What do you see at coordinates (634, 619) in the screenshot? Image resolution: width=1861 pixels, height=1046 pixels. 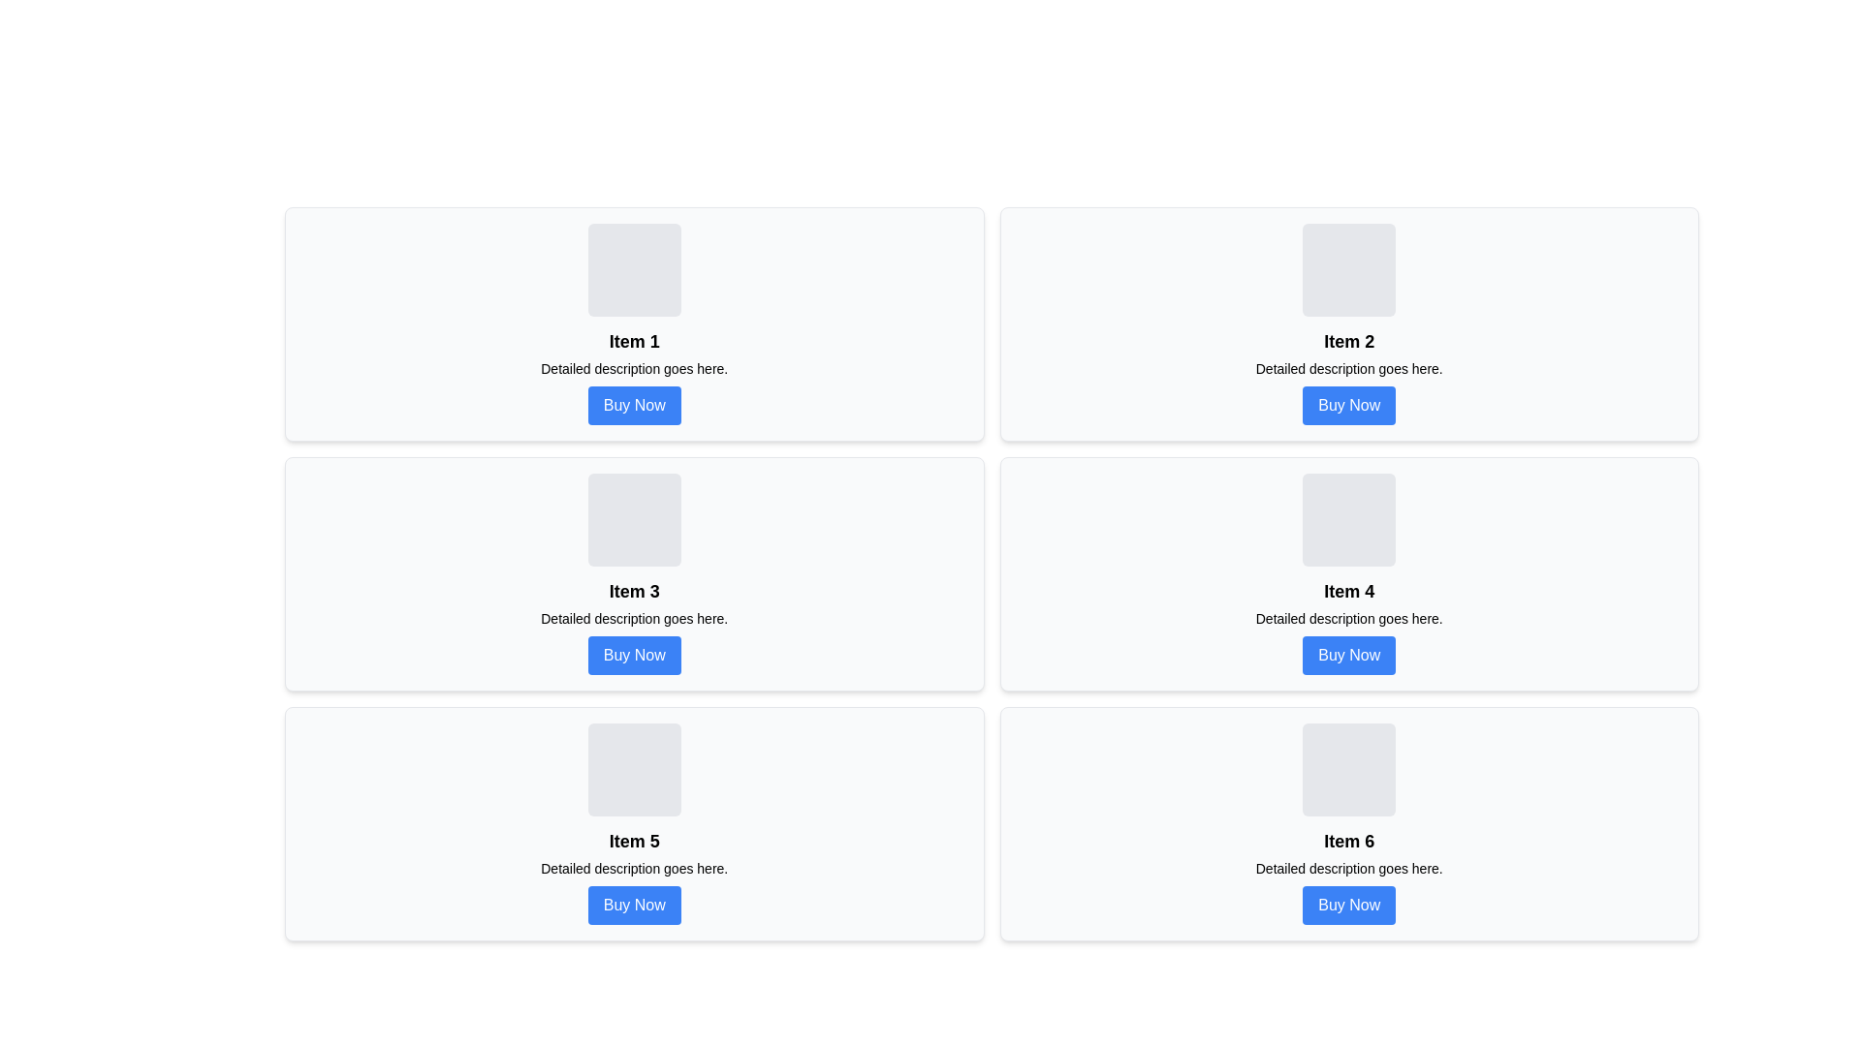 I see `static text located directly below the title 'Item 3' in the card for 'Item 3', which provides additional details about the item` at bounding box center [634, 619].